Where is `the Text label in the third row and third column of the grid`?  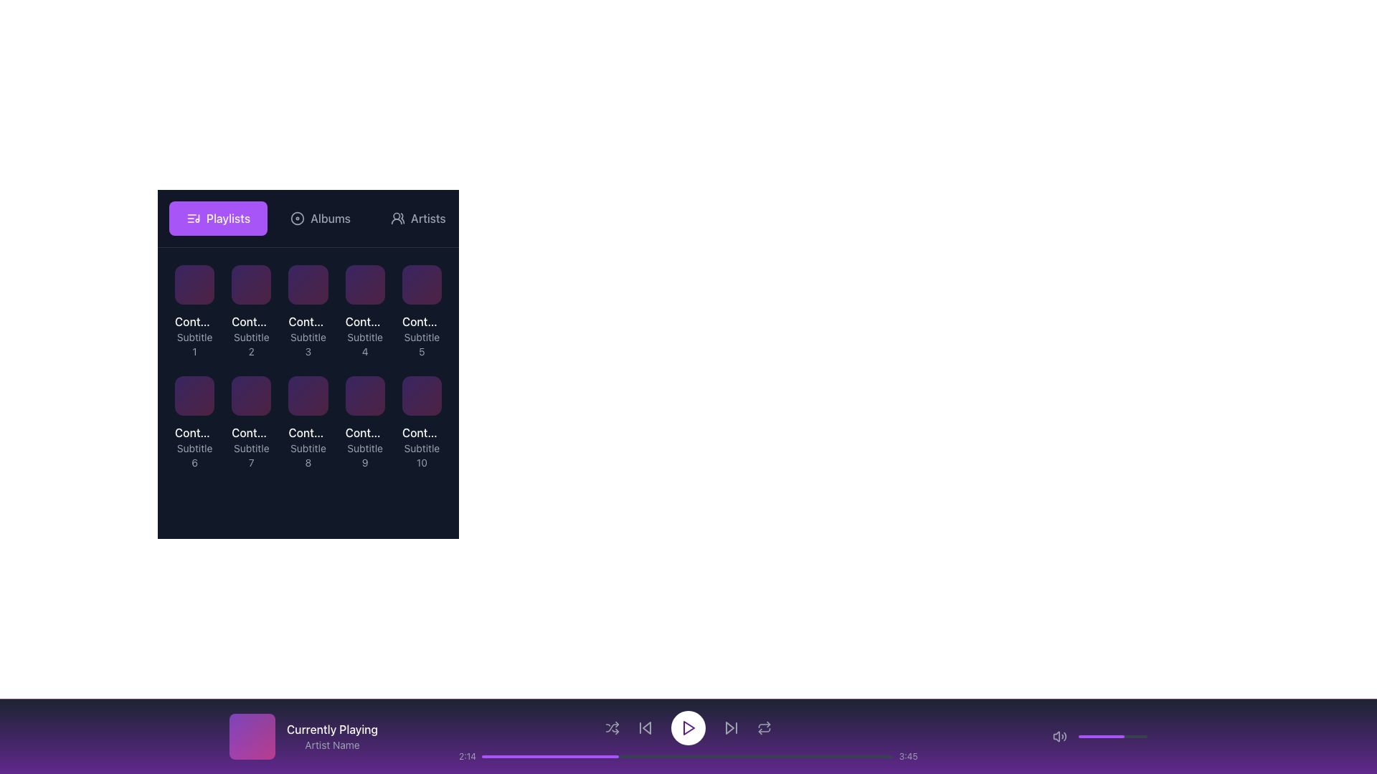
the Text label in the third row and third column of the grid is located at coordinates (308, 432).